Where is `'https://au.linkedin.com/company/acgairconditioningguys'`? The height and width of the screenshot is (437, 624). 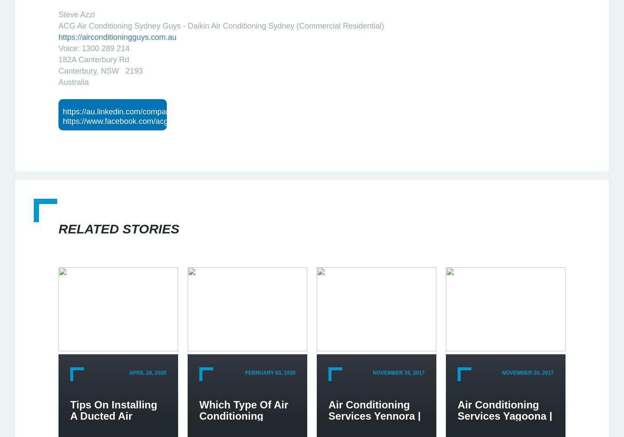
'https://au.linkedin.com/company/acgairconditioningguys' is located at coordinates (159, 111).